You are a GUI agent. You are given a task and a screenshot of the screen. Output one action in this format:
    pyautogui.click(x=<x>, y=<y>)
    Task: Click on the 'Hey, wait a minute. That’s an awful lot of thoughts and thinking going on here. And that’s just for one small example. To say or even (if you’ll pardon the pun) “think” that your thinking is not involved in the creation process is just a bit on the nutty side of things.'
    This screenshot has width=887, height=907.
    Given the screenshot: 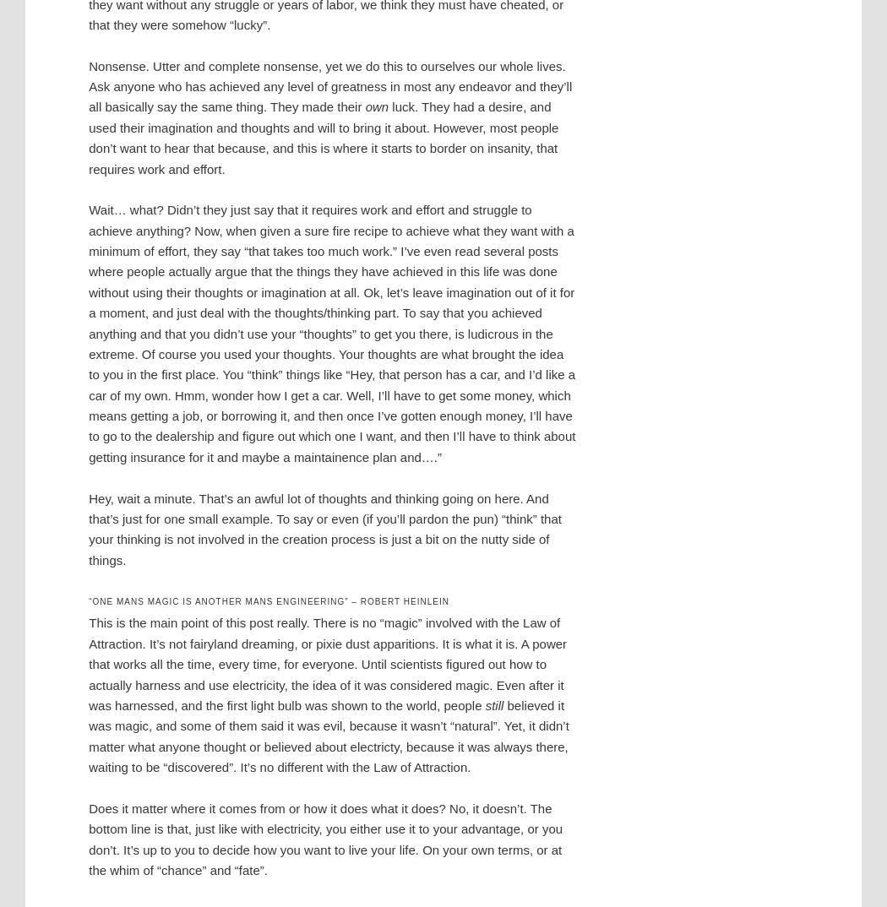 What is the action you would take?
    pyautogui.click(x=89, y=529)
    